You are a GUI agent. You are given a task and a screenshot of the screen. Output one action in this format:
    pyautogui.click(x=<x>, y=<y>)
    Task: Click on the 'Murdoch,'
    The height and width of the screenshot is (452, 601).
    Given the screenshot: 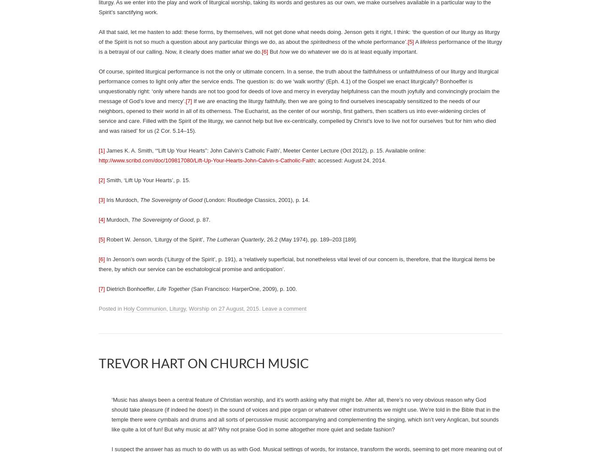 What is the action you would take?
    pyautogui.click(x=118, y=219)
    